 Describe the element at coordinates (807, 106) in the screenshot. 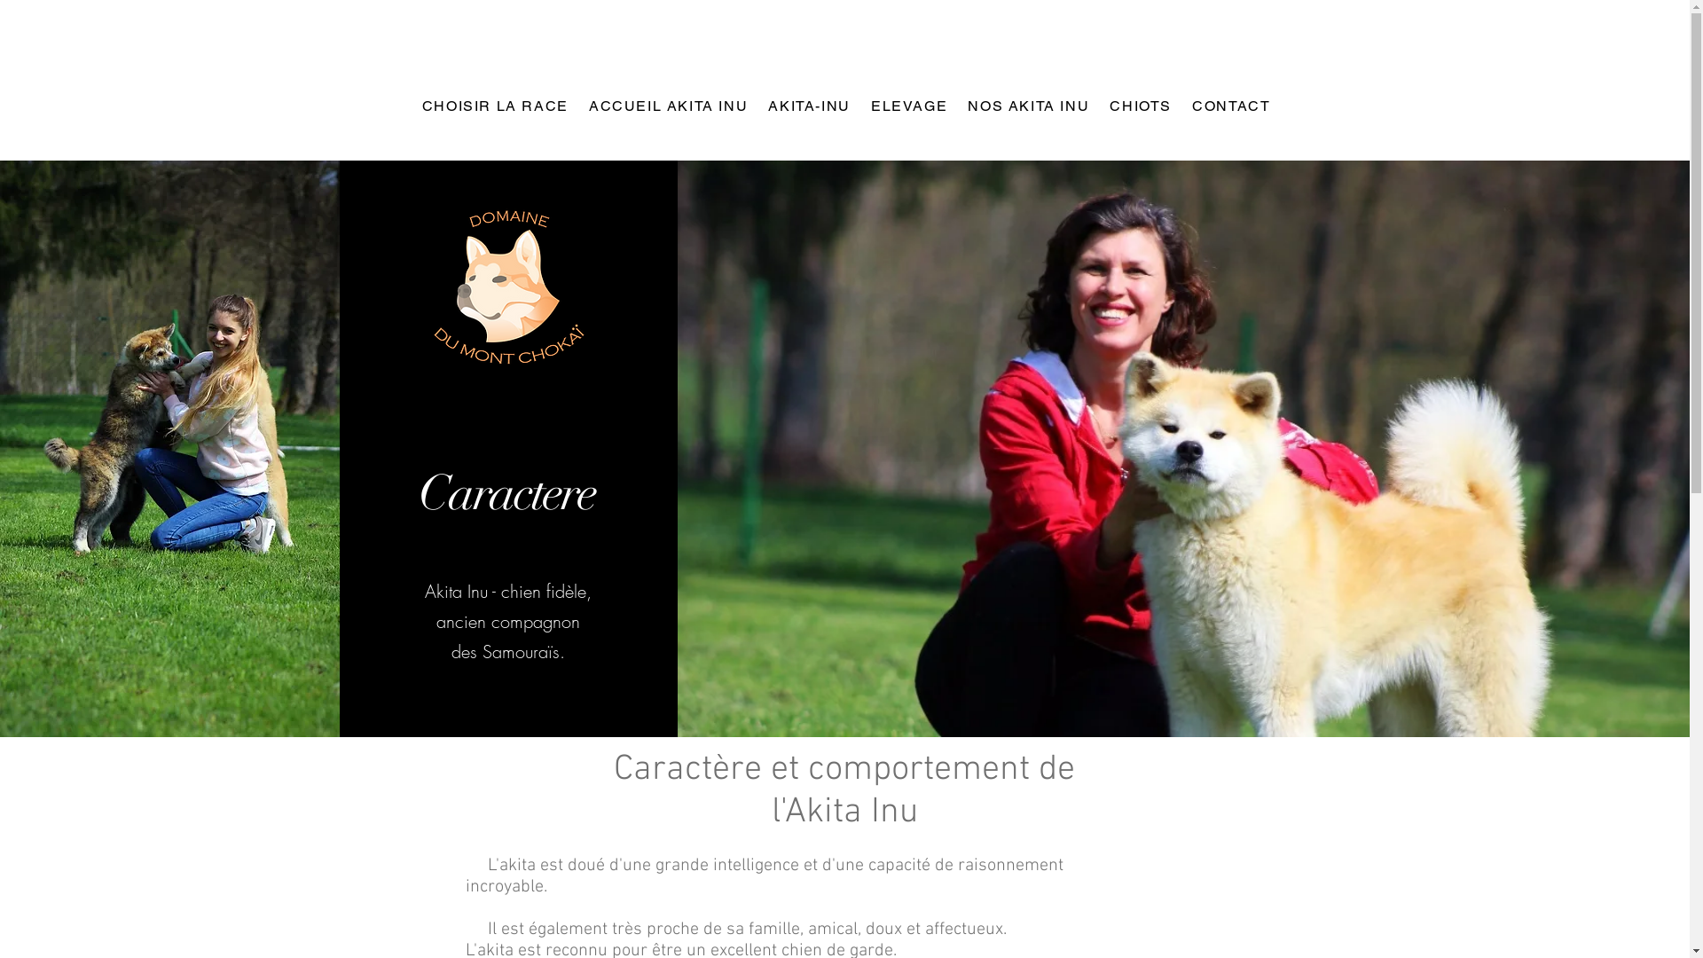

I see `'AKITA-INU'` at that location.